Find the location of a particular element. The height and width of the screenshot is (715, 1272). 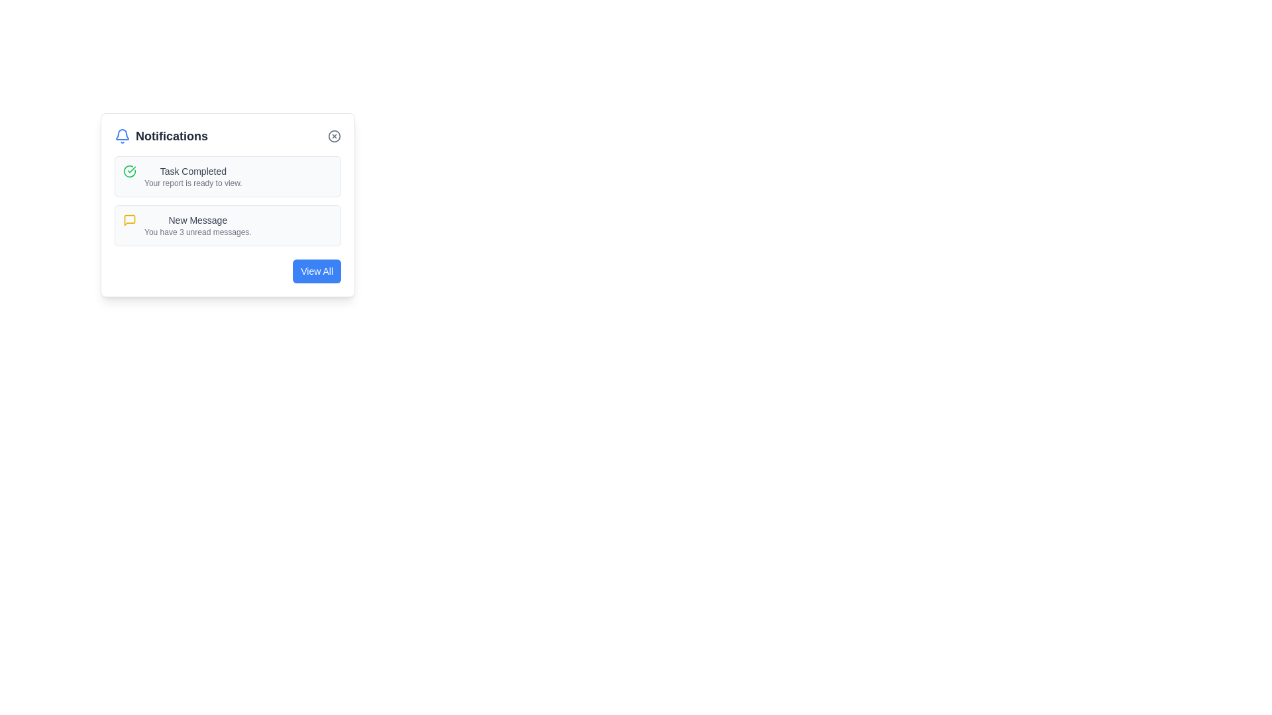

the yellow message icon with a speech bubble shape located on the left side of the 'New Message' notification item is located at coordinates (130, 219).